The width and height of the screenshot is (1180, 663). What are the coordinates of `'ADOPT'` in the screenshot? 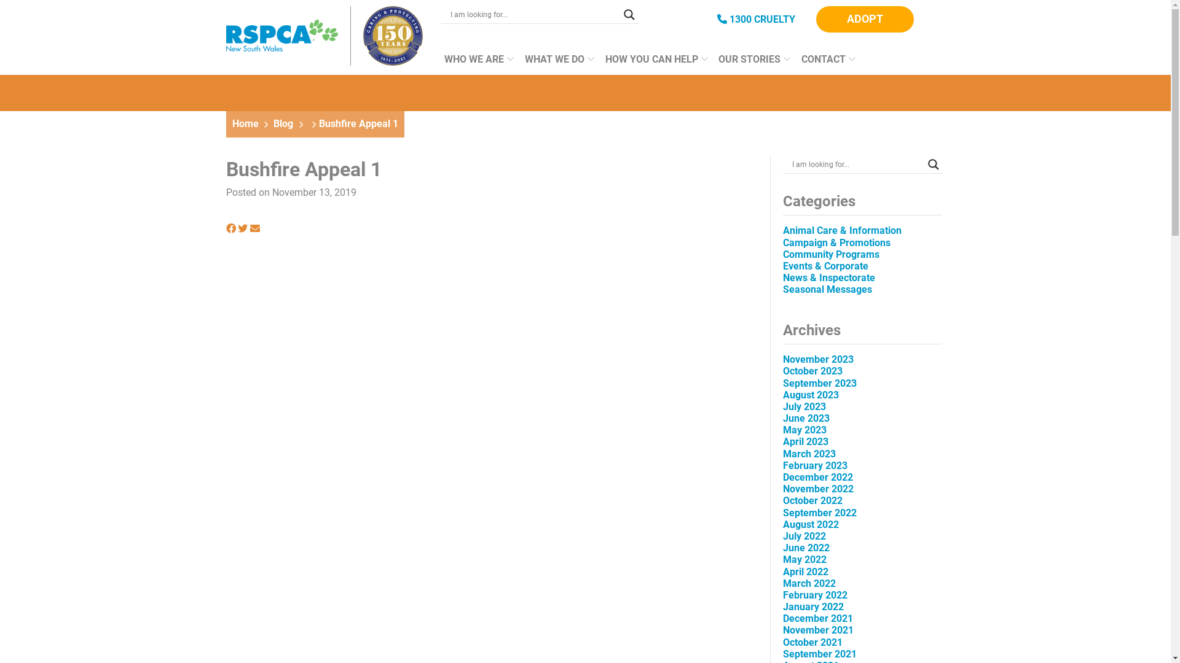 It's located at (816, 19).